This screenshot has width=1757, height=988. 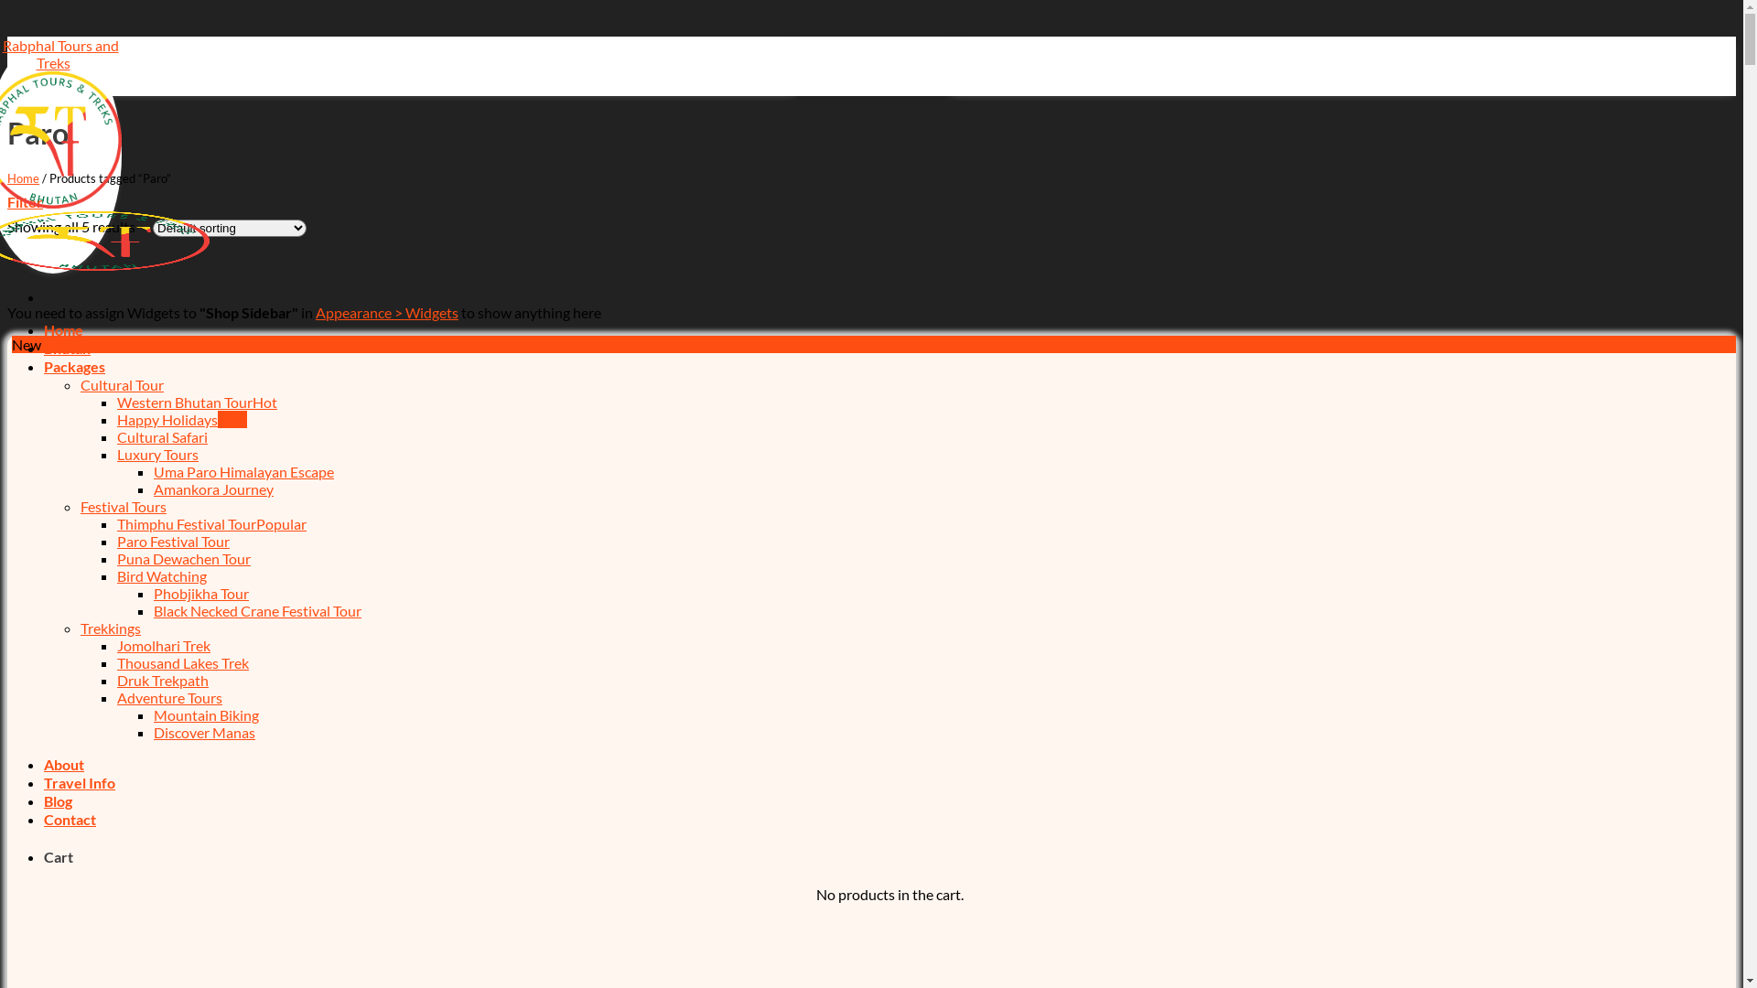 What do you see at coordinates (201, 593) in the screenshot?
I see `'Phobjikha Tour'` at bounding box center [201, 593].